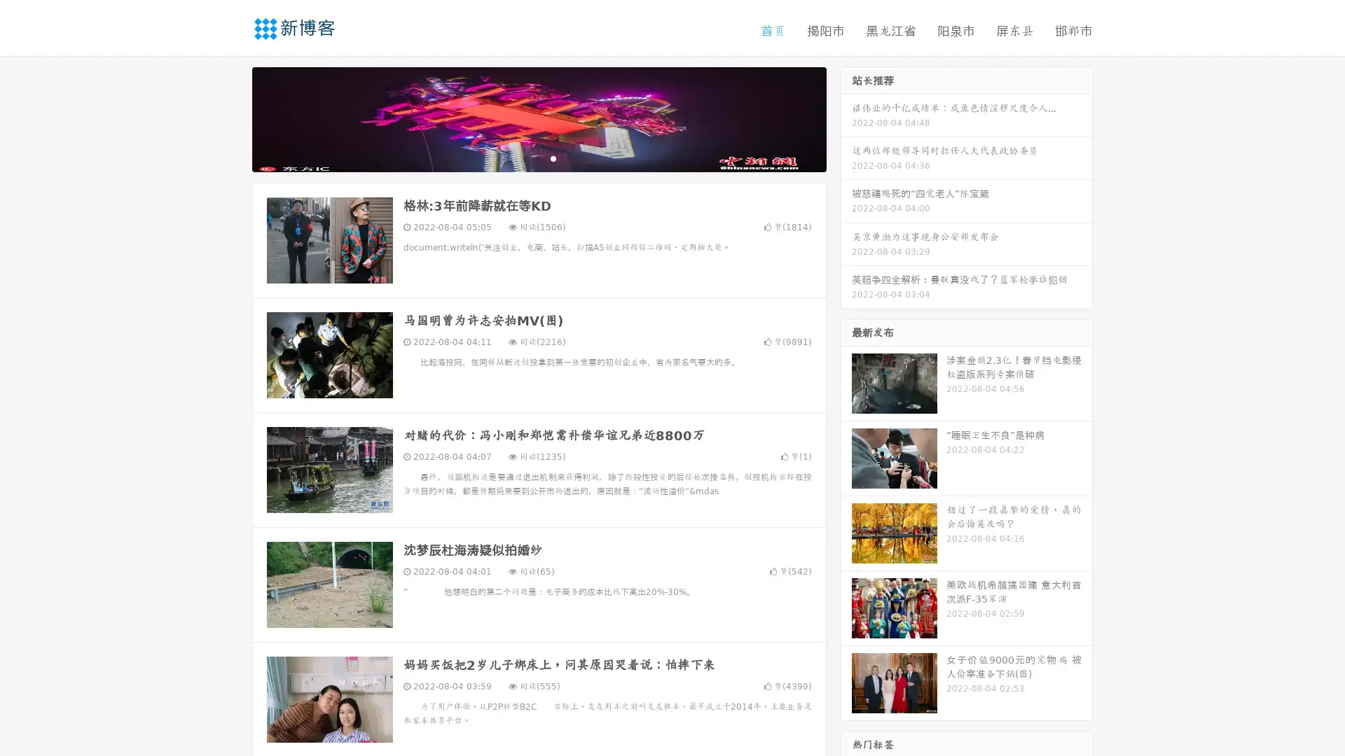 This screenshot has height=756, width=1345. What do you see at coordinates (524, 157) in the screenshot?
I see `Go to slide 1` at bounding box center [524, 157].